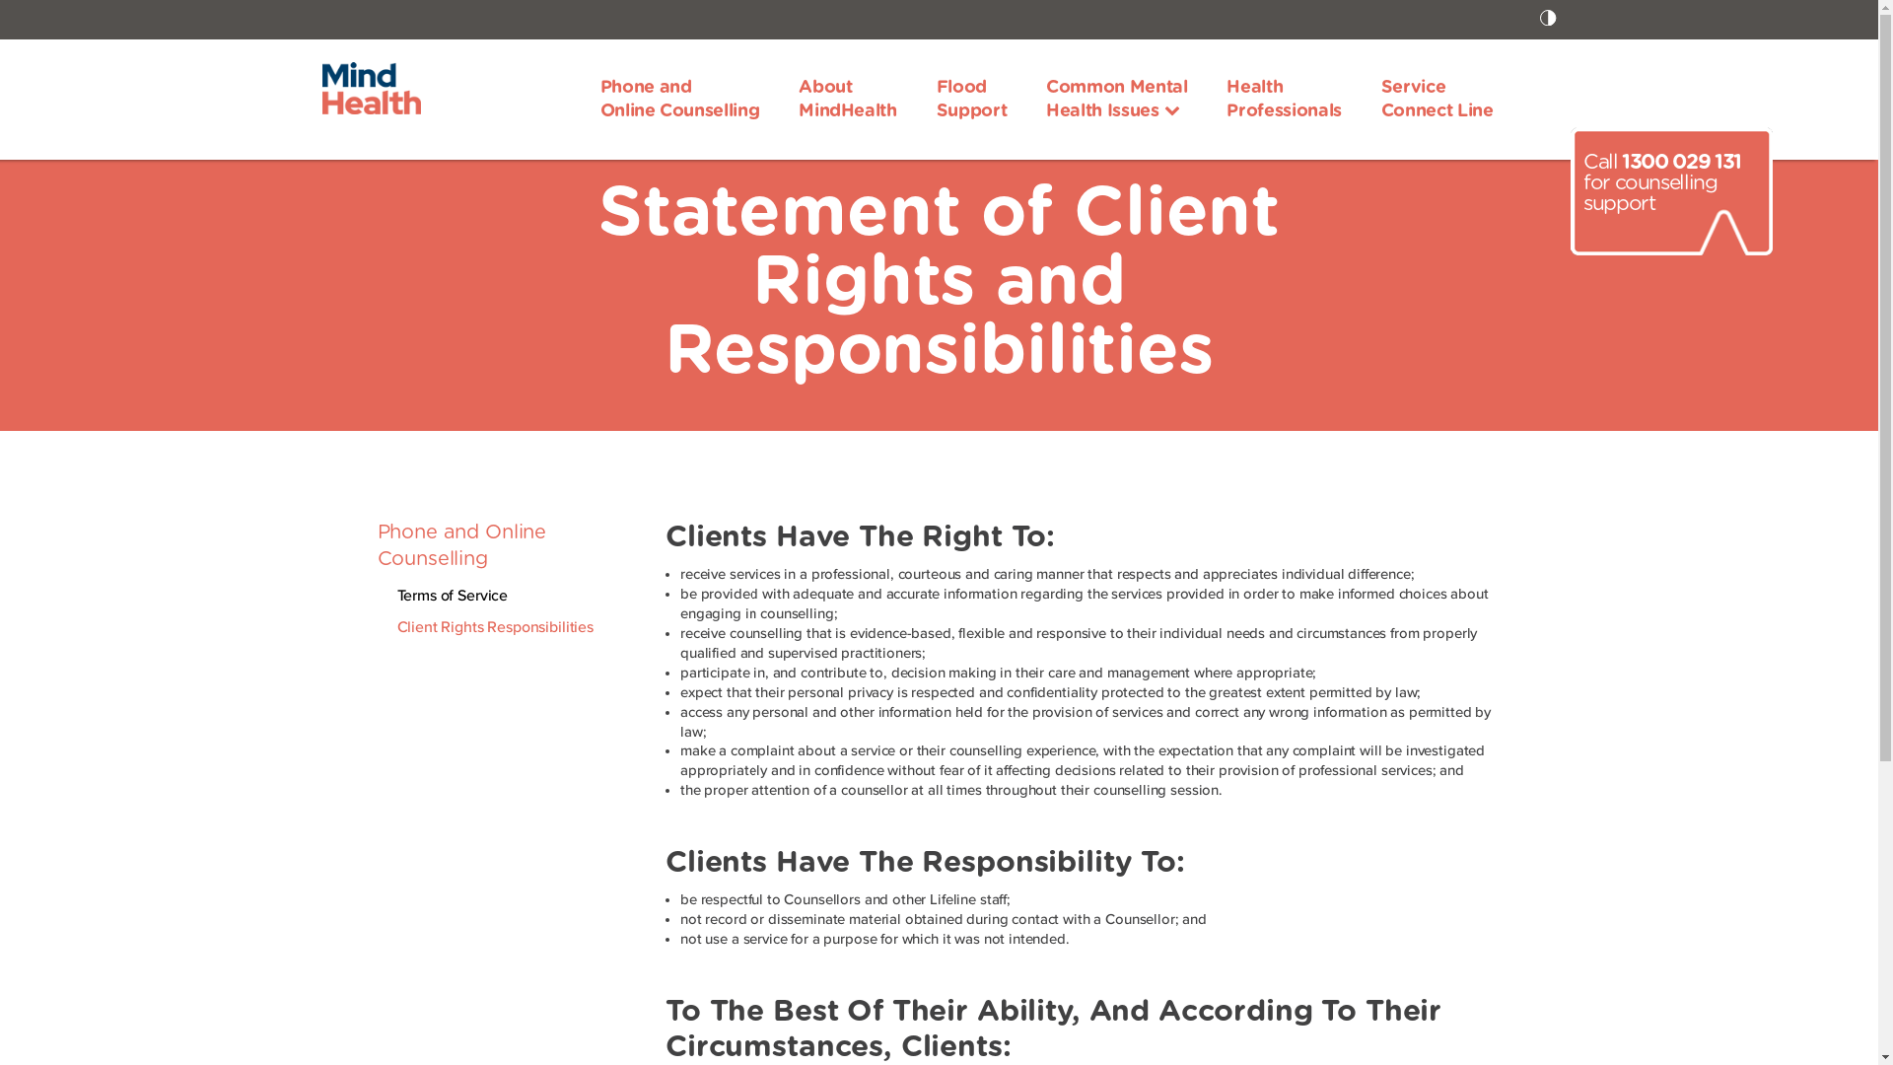 Image resolution: width=1893 pixels, height=1065 pixels. What do you see at coordinates (680, 100) in the screenshot?
I see `'Phone and` at bounding box center [680, 100].